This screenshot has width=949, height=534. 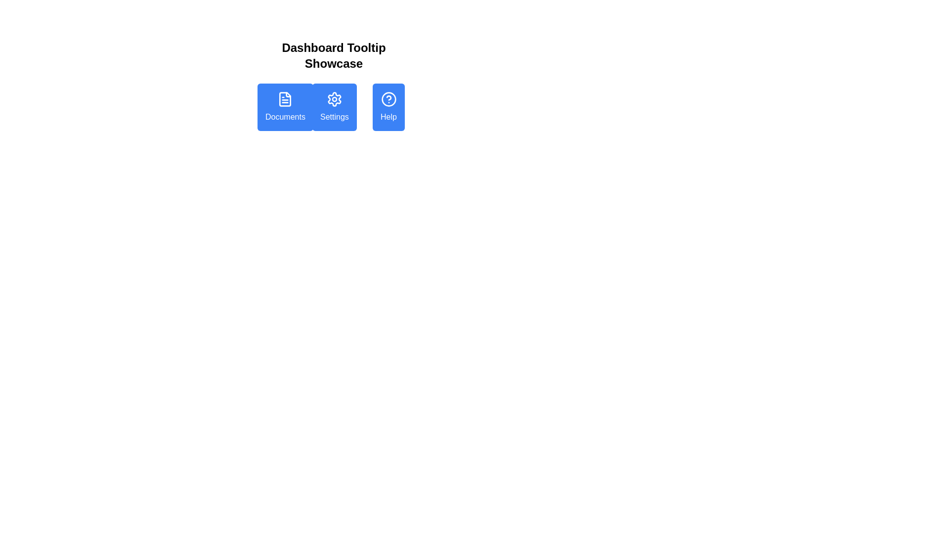 What do you see at coordinates (334, 55) in the screenshot?
I see `the bold heading 'Dashboard Tooltip Showcase' located at the top-center of the interface` at bounding box center [334, 55].